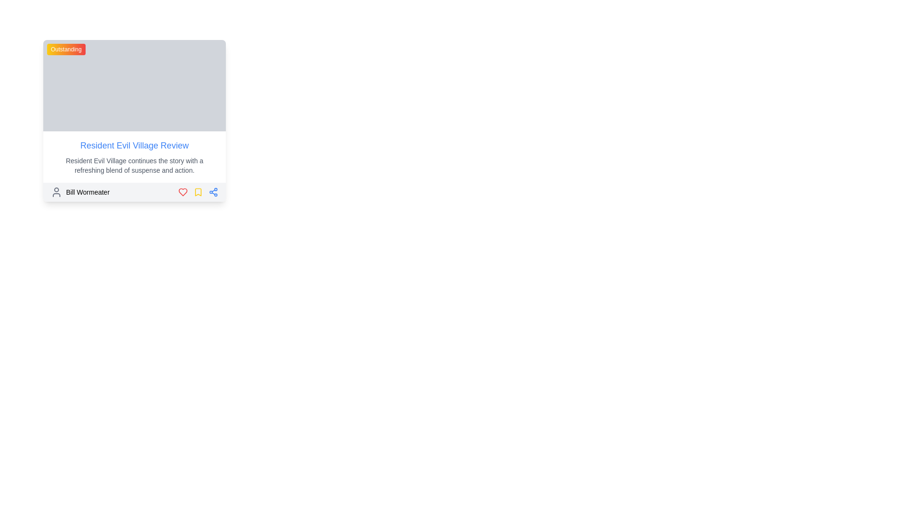 This screenshot has width=913, height=514. I want to click on the user avatar icon representing 'Bill Wormeater', which is located at the leftmost part of the row containing the name in the lower section of a card element, so click(56, 192).